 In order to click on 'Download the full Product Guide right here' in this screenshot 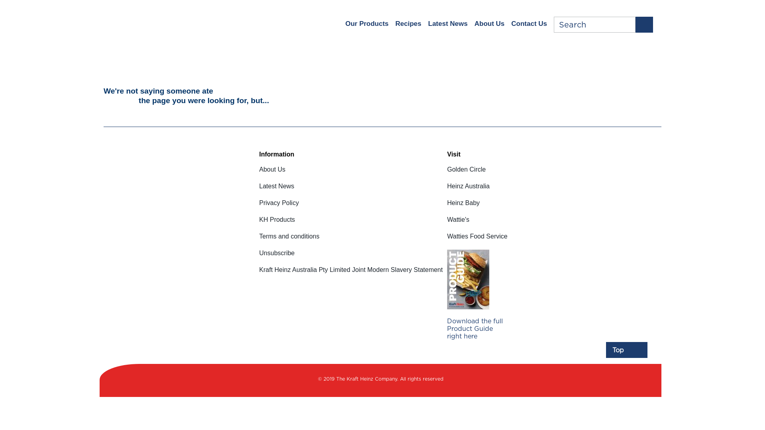, I will do `click(477, 321)`.